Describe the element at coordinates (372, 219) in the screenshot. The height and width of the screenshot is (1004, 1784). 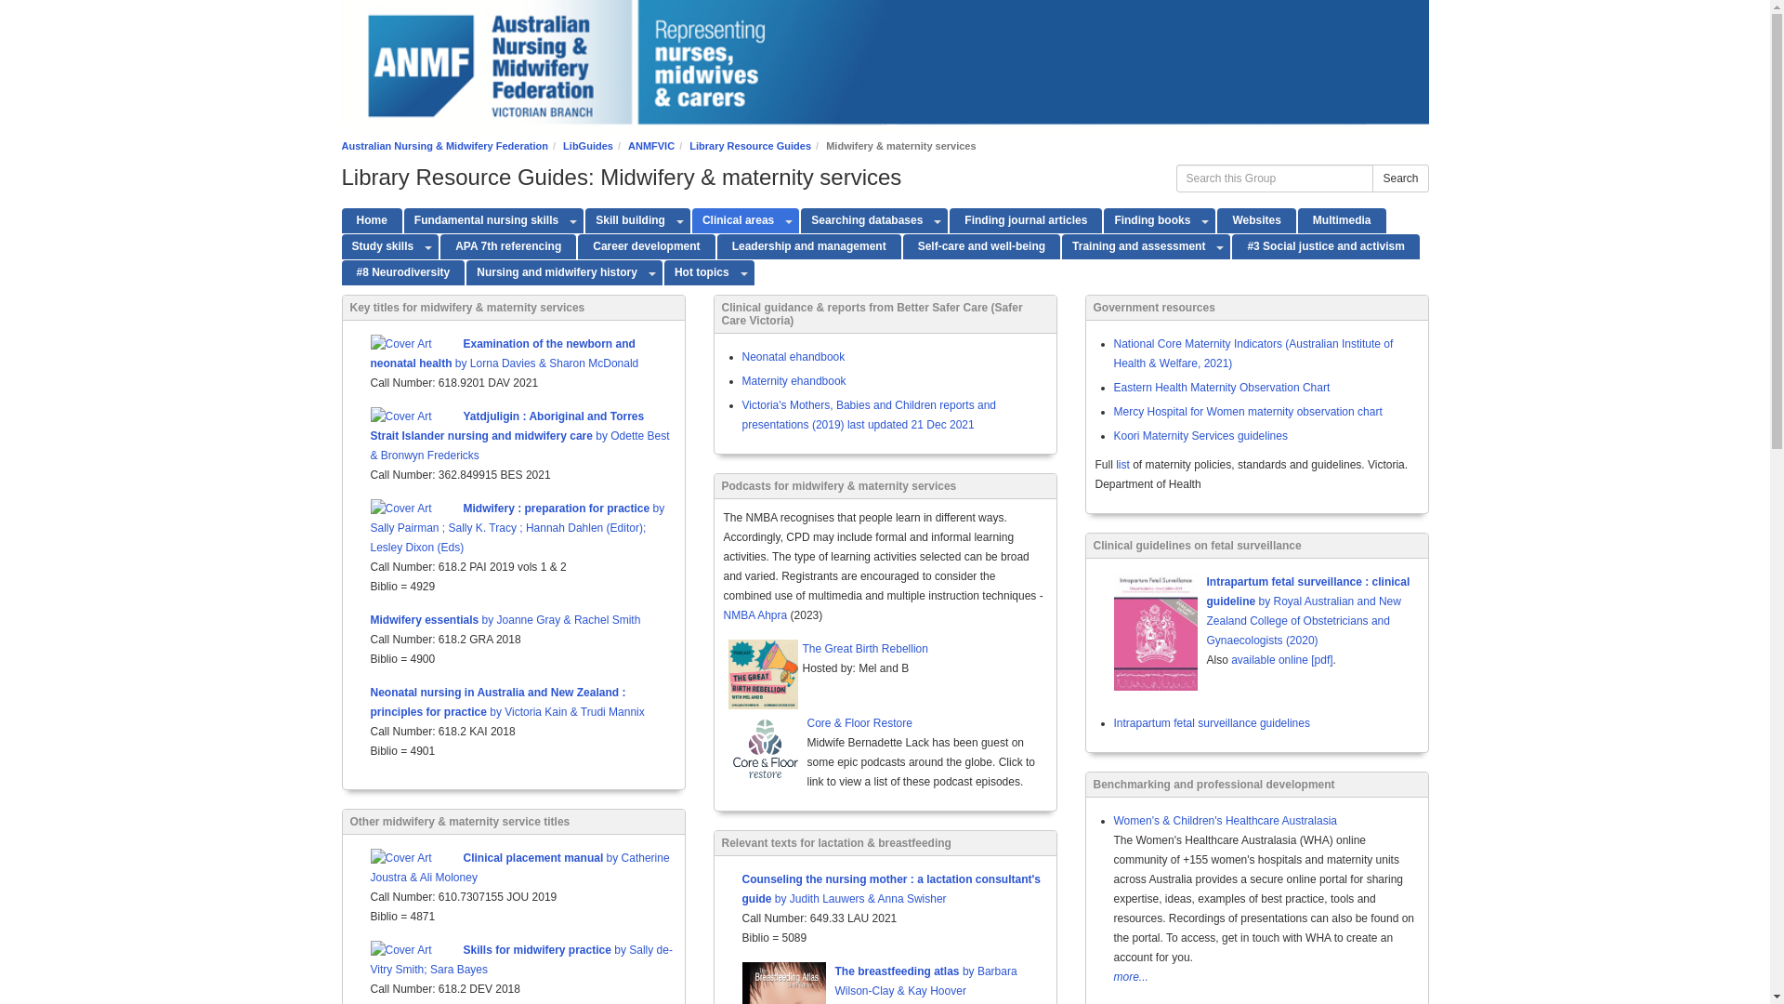
I see `'Home'` at that location.